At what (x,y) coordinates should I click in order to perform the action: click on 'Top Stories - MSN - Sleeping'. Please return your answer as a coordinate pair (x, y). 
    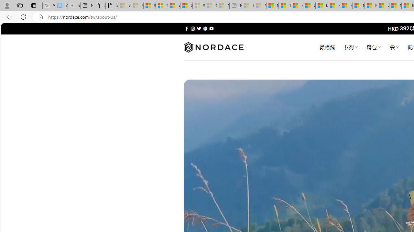
    Looking at the image, I should click on (247, 5).